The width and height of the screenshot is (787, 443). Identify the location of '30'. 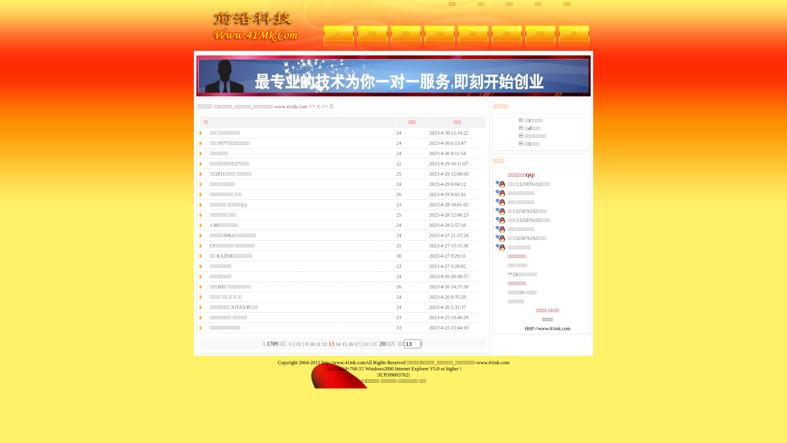
(399, 255).